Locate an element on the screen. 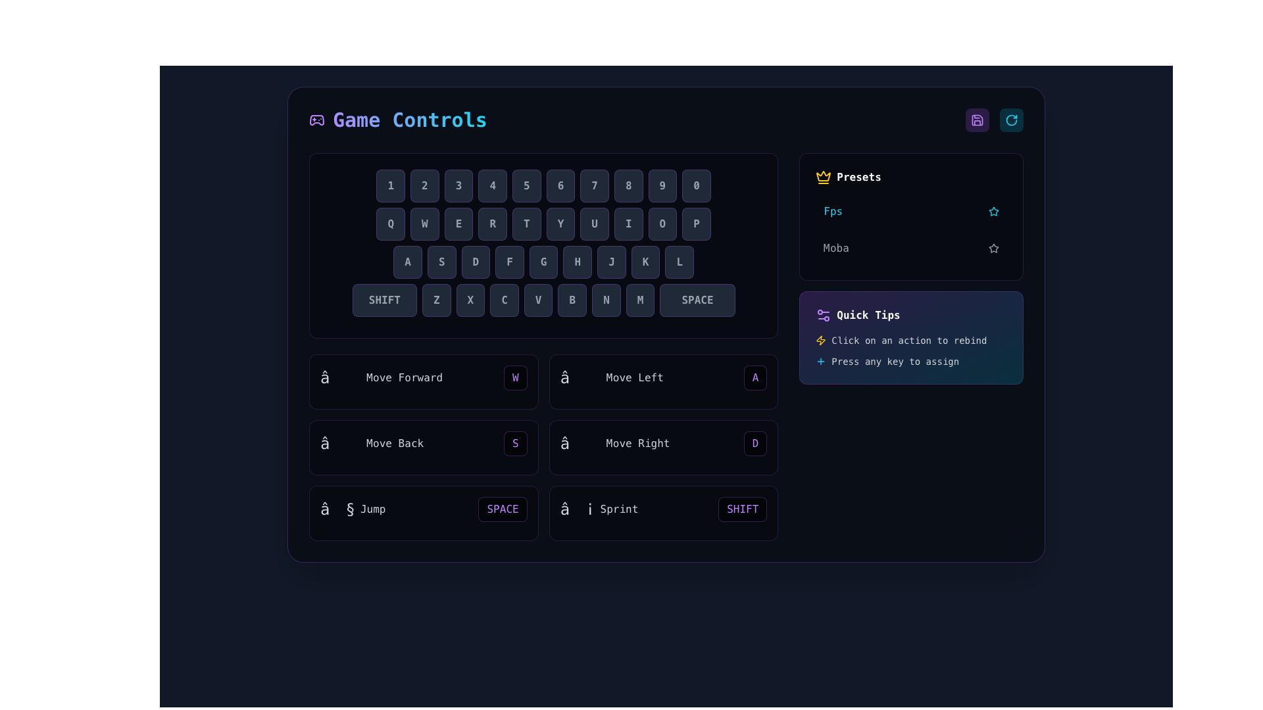  the square-shaped button with a dark background and light gray text displaying the number '9', which is part of a row of buttons is located at coordinates (662, 185).